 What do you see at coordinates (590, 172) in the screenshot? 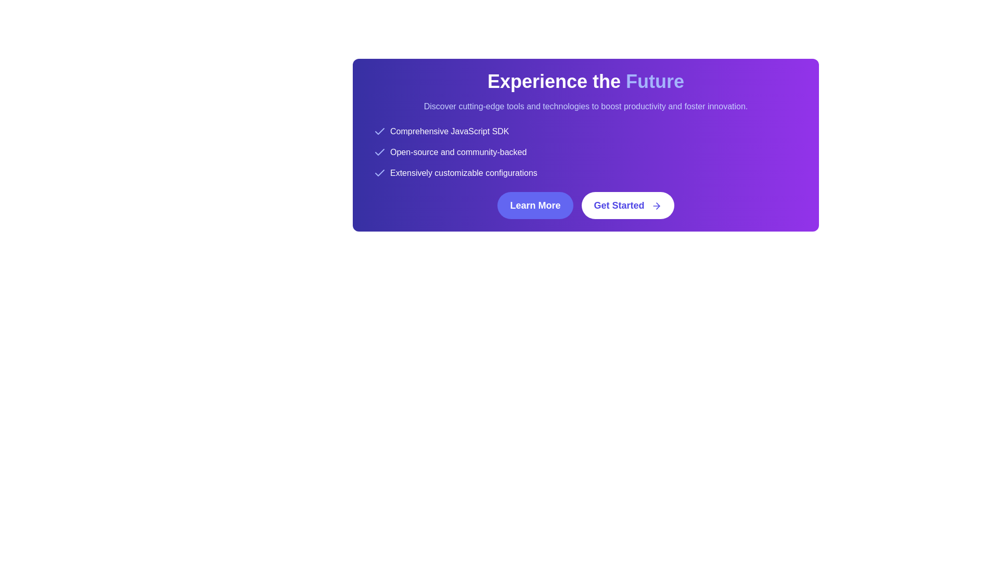
I see `the third list item in the vertical list of features that emphasizes extensive customization configurations, located in the top center of the interface under the section titled 'Experience the Future'` at bounding box center [590, 172].